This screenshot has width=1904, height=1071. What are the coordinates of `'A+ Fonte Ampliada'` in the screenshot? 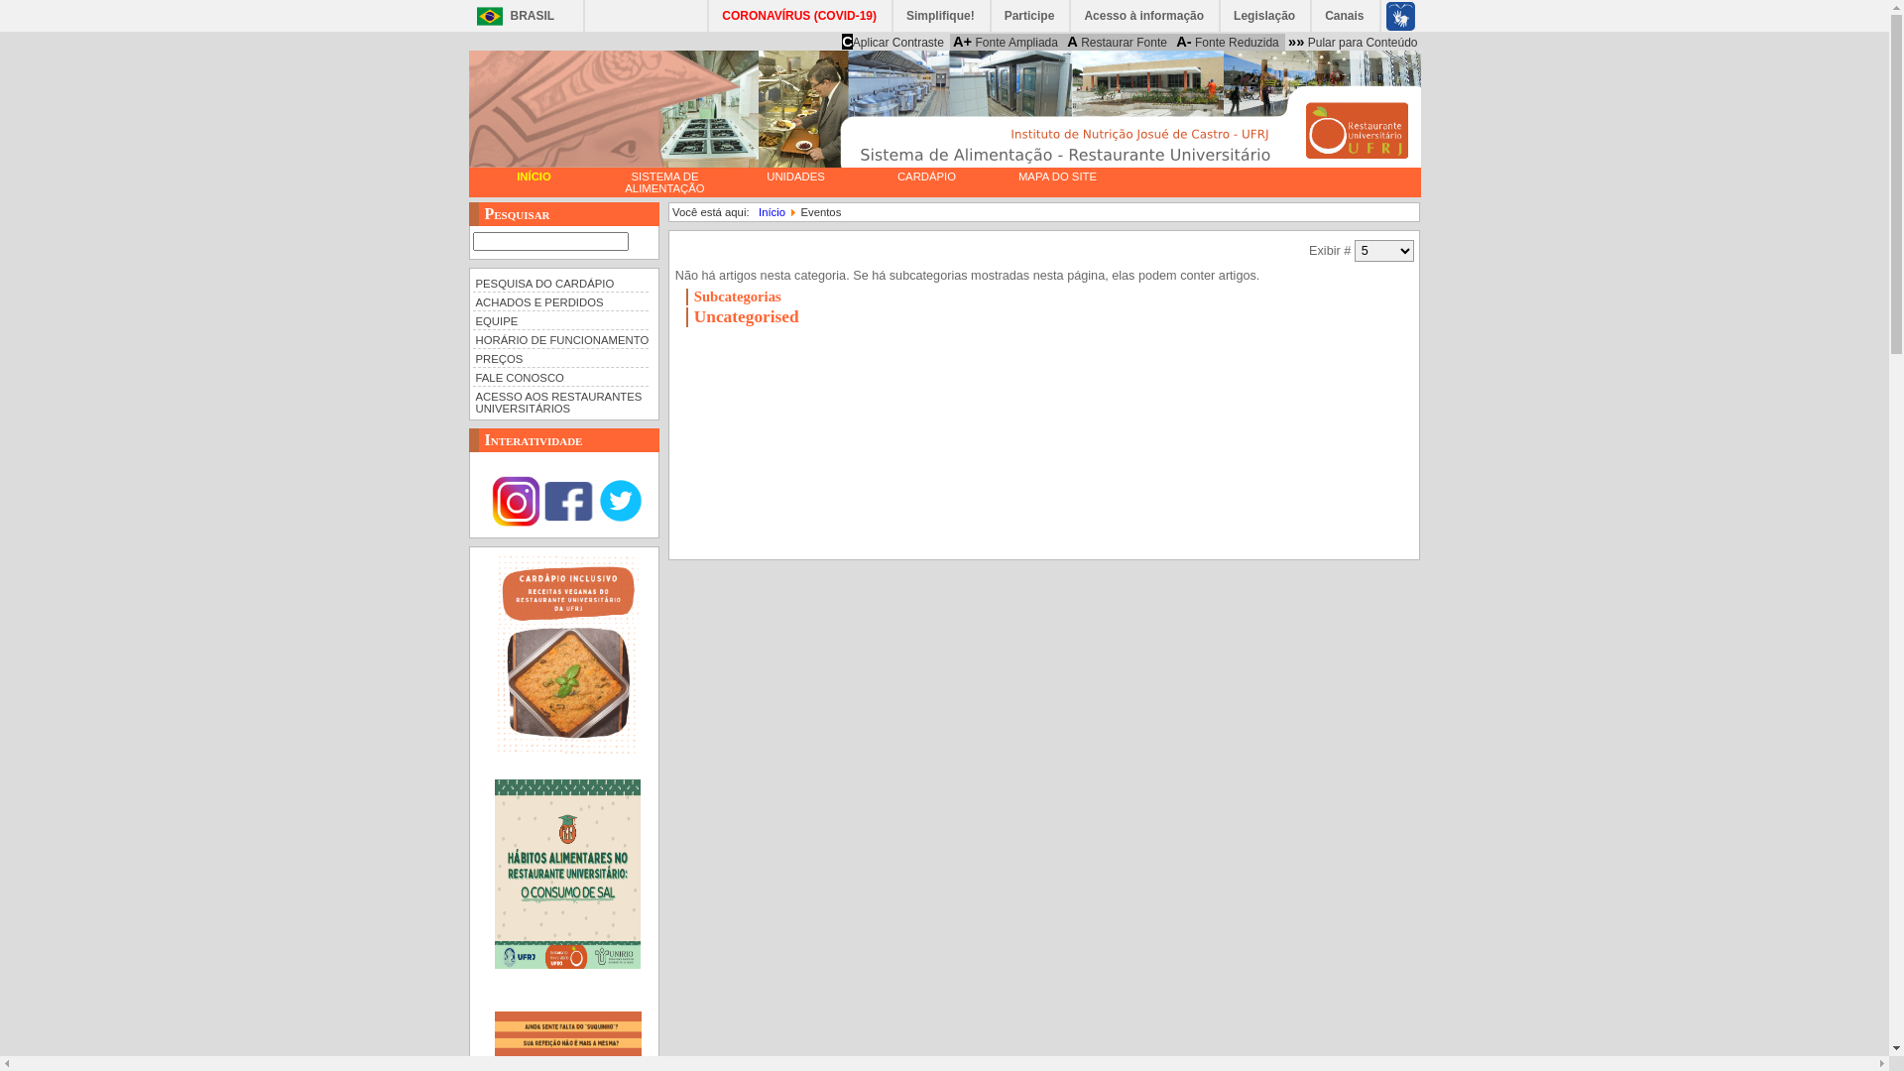 It's located at (1005, 42).